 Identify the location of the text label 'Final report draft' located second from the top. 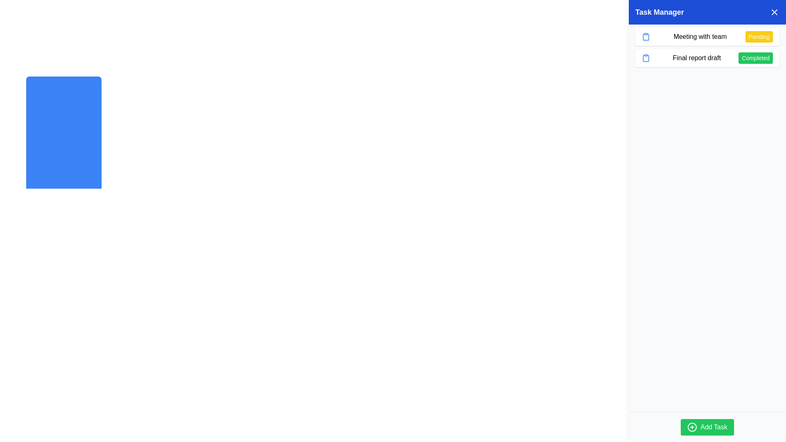
(696, 58).